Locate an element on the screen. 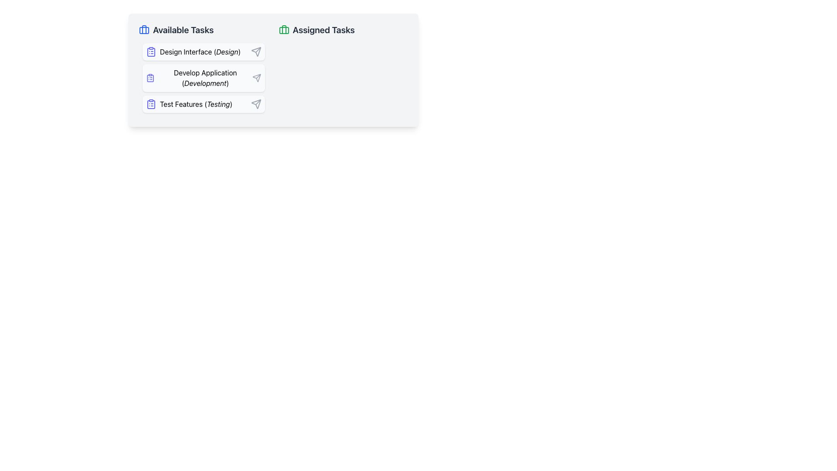  the 'Design Interface (Design)' task label, which is the first item in the 'Available Tasks' column is located at coordinates (200, 52).